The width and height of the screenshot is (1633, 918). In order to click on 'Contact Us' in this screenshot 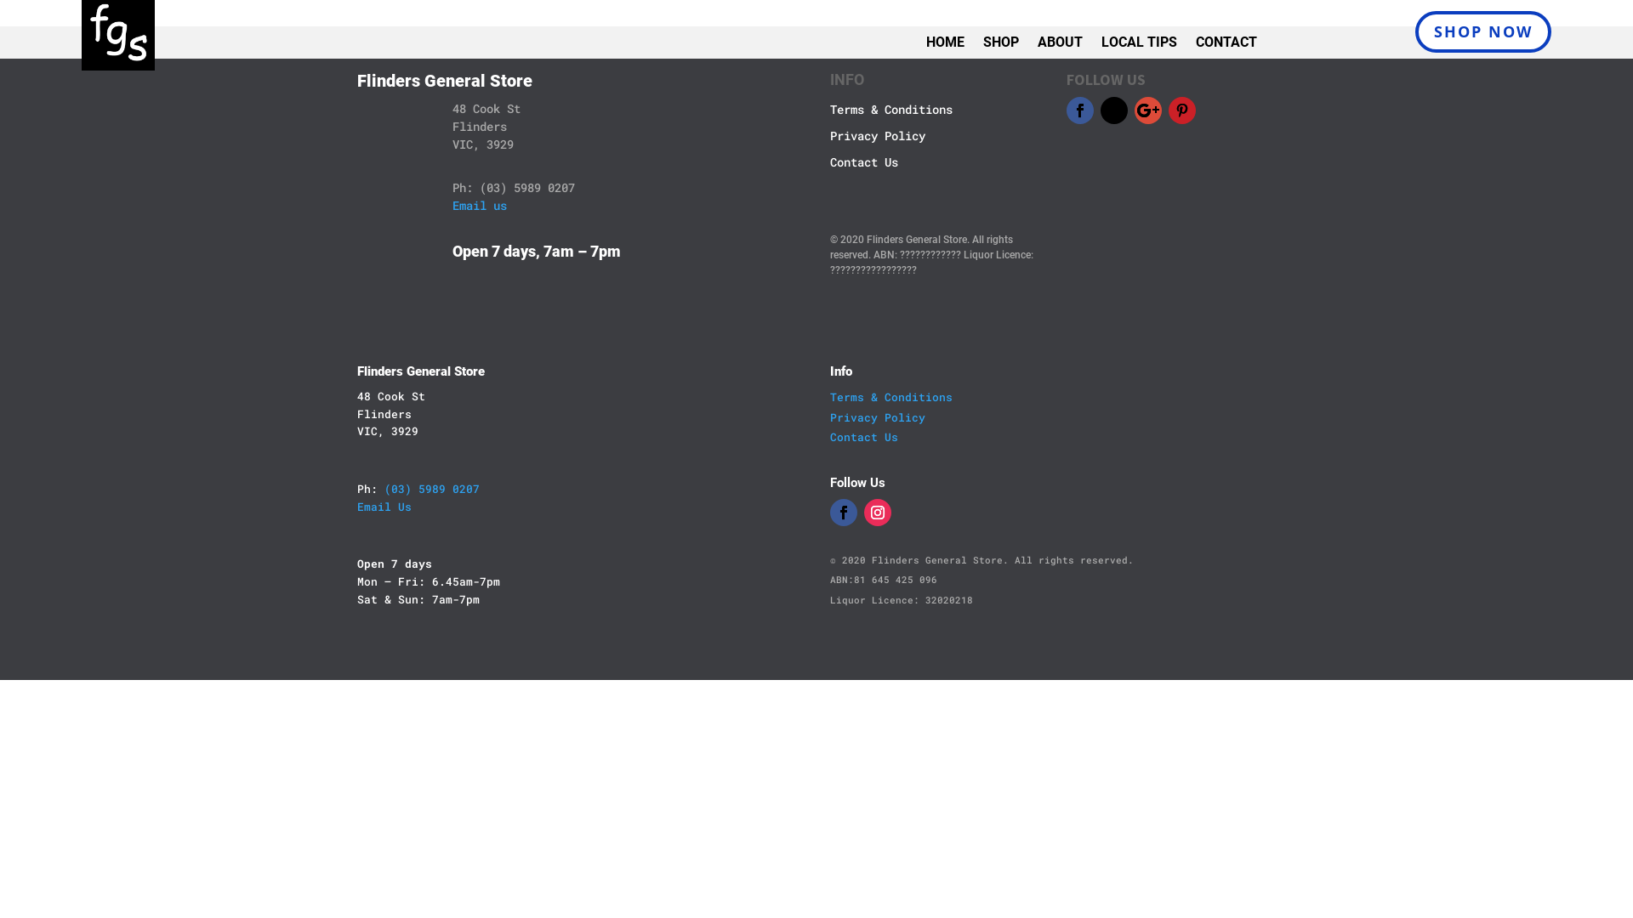, I will do `click(864, 435)`.